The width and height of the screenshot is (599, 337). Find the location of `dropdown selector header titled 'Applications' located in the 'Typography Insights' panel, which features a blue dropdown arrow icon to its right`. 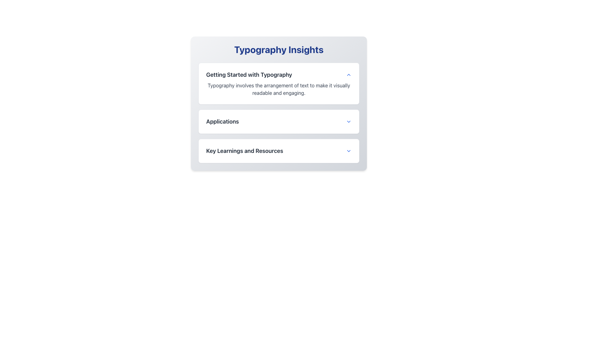

dropdown selector header titled 'Applications' located in the 'Typography Insights' panel, which features a blue dropdown arrow icon to its right is located at coordinates (278, 121).